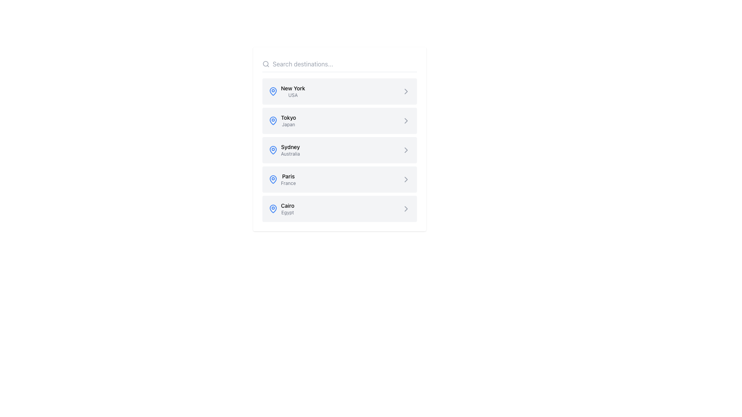 The image size is (742, 417). Describe the element at coordinates (339, 208) in the screenshot. I see `the selectable list item representing the destination 'Cairo, Egypt'` at that location.